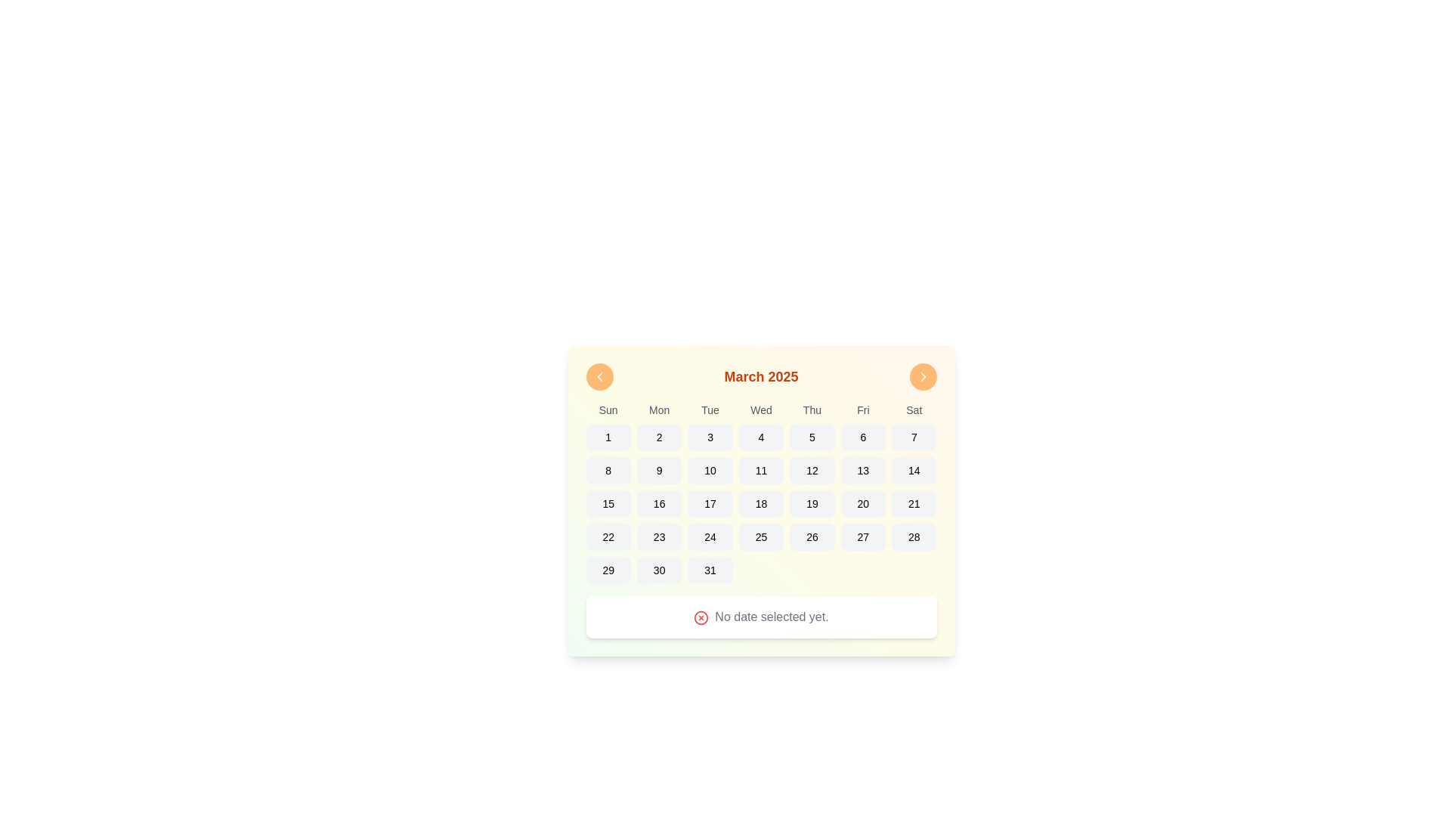 Image resolution: width=1451 pixels, height=816 pixels. I want to click on the text displaying 'March 2025', which is bold, large, and orange, located centrally in the calendar header with navigation icons on either side, so click(761, 376).